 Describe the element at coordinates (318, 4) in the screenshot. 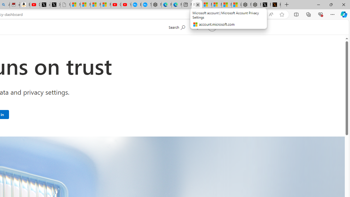

I see `'Minimize'` at that location.